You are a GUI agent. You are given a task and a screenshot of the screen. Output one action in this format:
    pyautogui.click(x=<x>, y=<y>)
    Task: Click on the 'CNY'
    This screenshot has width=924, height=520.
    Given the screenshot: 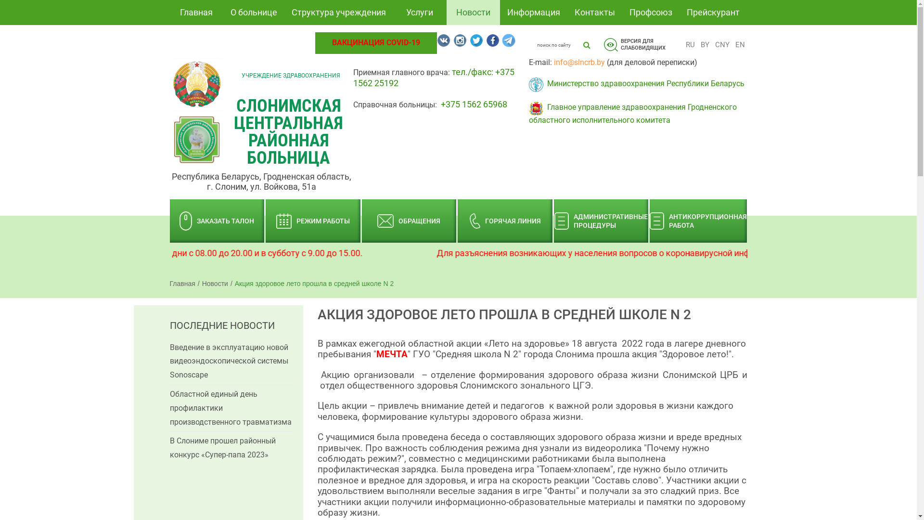 What is the action you would take?
    pyautogui.click(x=712, y=44)
    